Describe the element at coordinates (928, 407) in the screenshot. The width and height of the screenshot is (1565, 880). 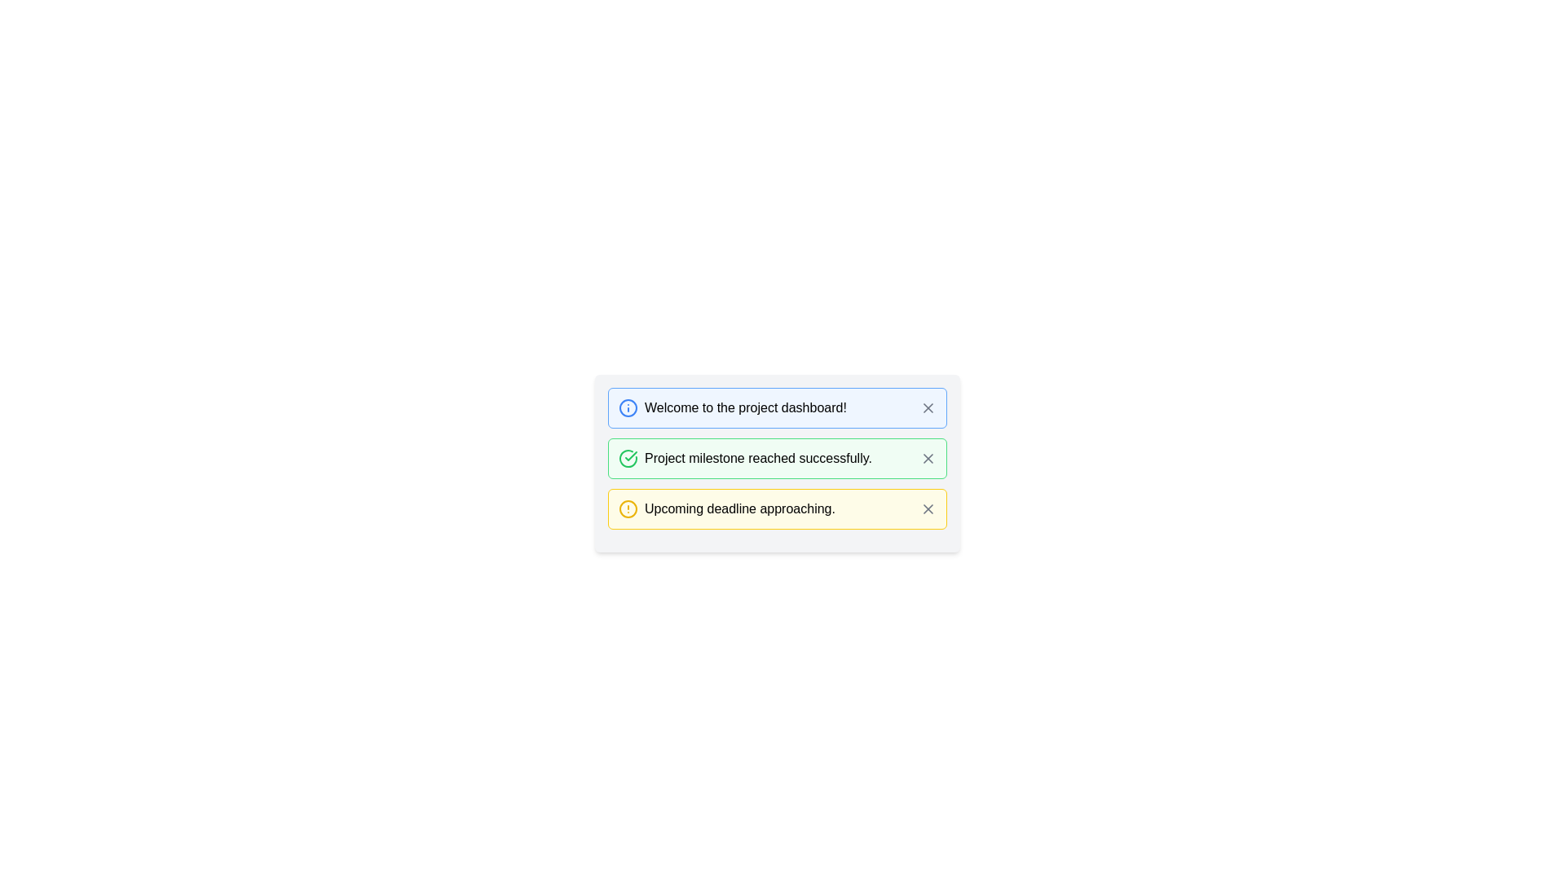
I see `the red 'X' icon button located in the top right corner of the blue notification box` at that location.